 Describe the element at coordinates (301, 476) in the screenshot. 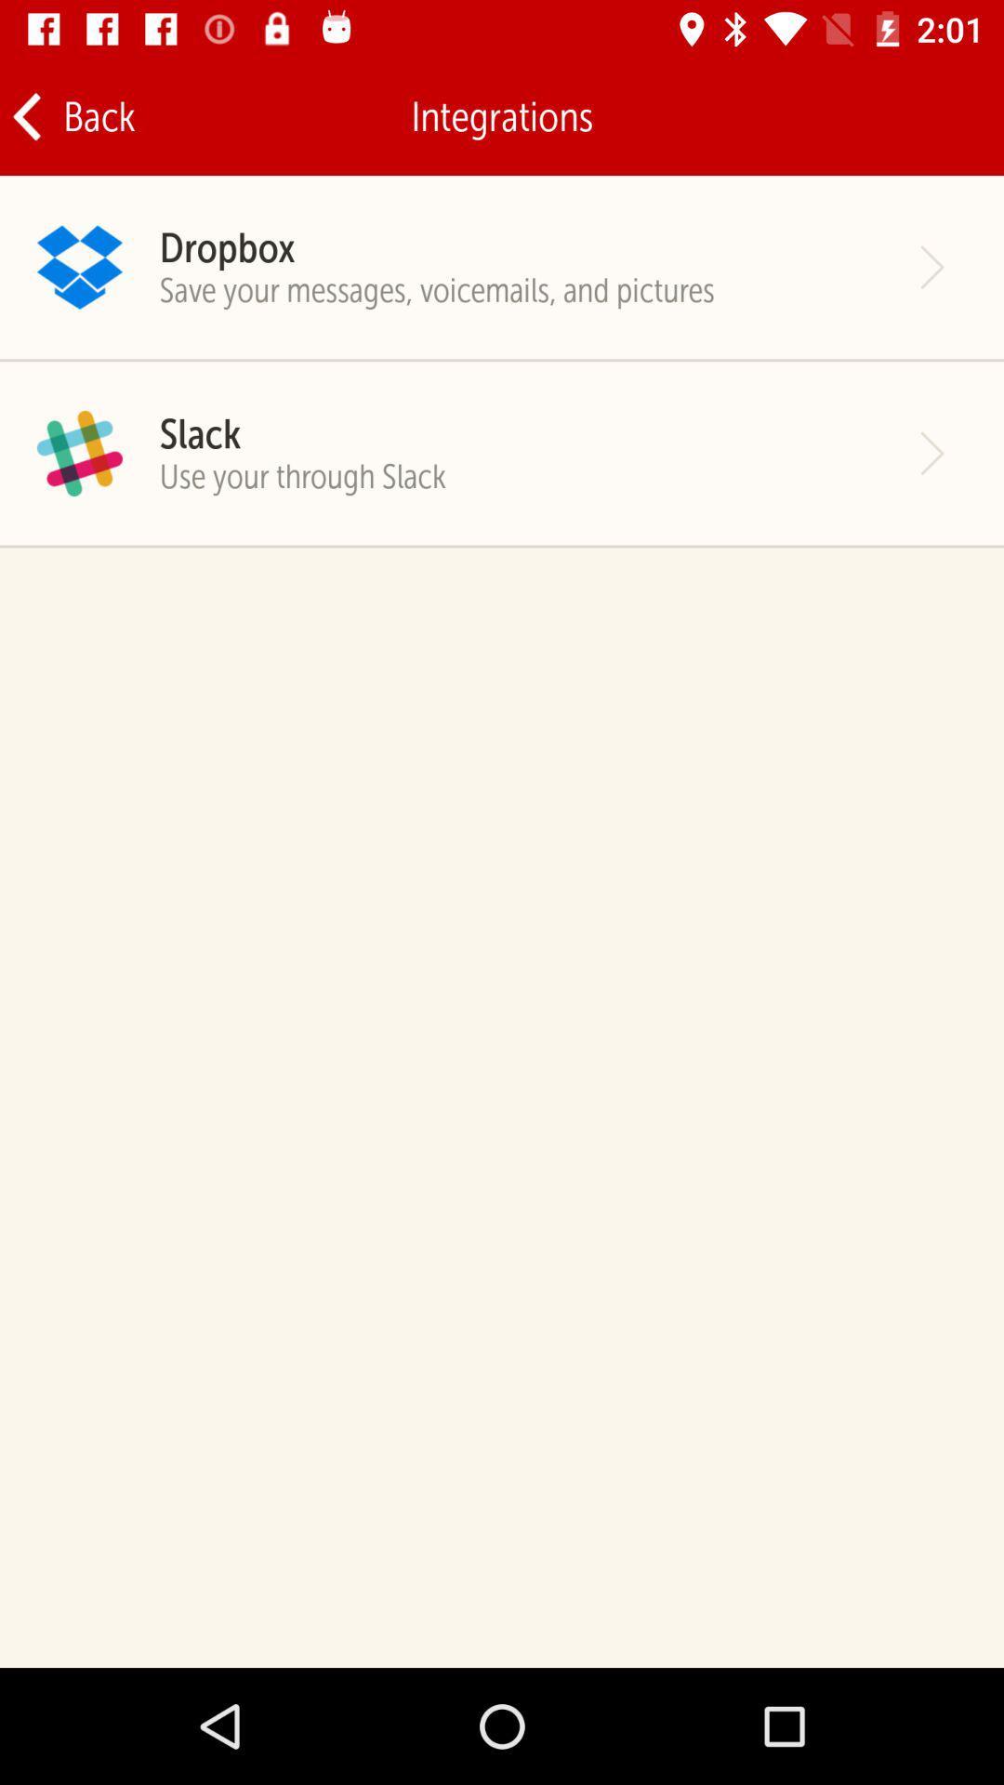

I see `item below the slack icon` at that location.